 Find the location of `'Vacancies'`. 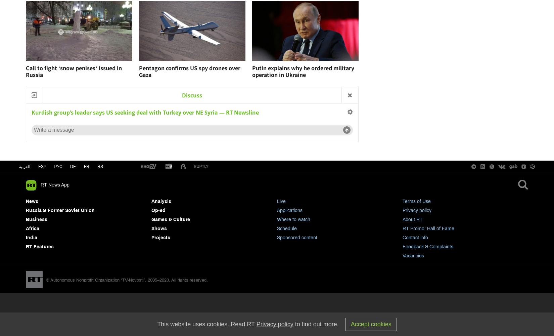

'Vacancies' is located at coordinates (413, 256).